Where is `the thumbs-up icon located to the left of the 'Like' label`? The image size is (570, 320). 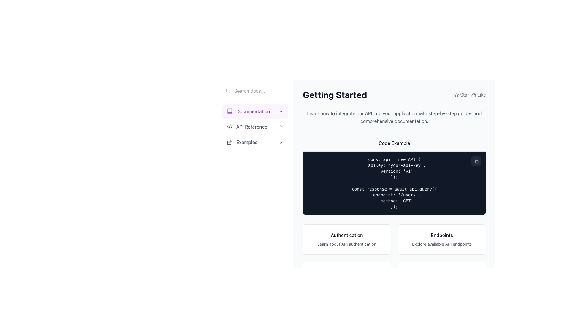
the thumbs-up icon located to the left of the 'Like' label is located at coordinates (473, 95).